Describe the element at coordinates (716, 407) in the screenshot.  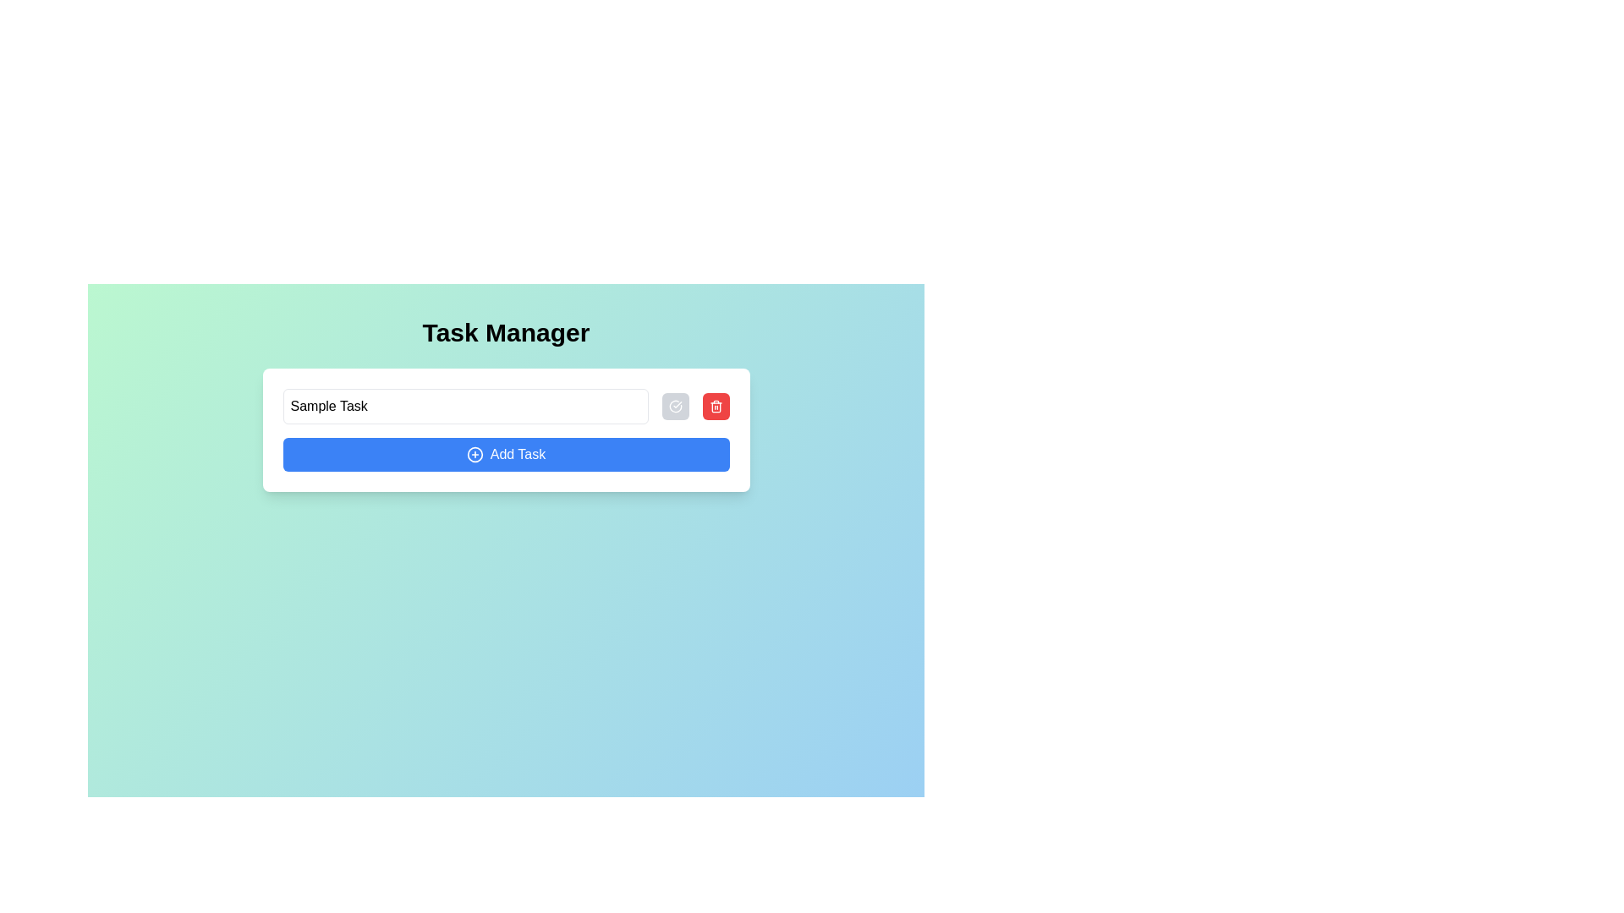
I see `the red button with rounded corners and a trash icon` at that location.